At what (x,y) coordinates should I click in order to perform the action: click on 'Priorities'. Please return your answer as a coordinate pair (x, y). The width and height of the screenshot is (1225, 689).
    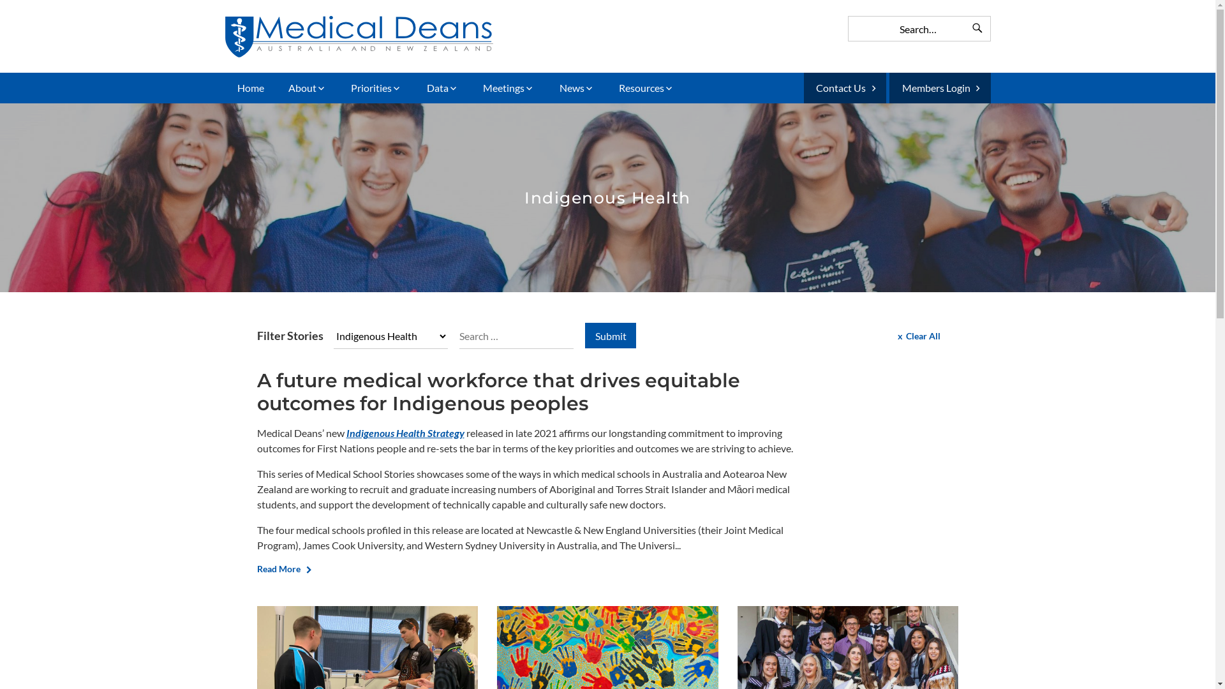
    Looking at the image, I should click on (339, 87).